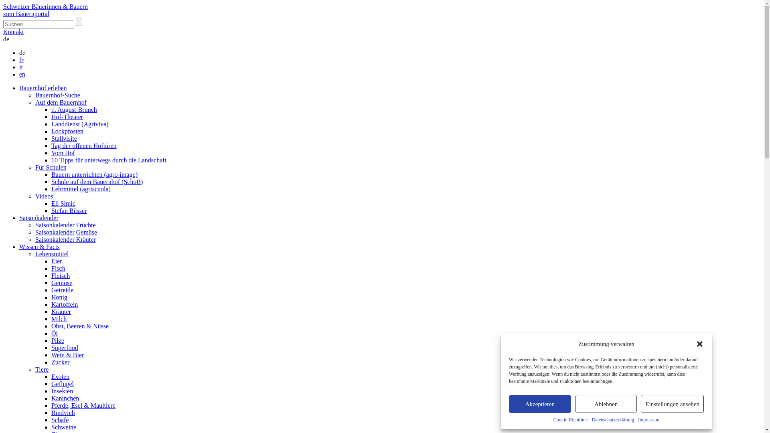  Describe the element at coordinates (59, 297) in the screenshot. I see `'Honig'` at that location.